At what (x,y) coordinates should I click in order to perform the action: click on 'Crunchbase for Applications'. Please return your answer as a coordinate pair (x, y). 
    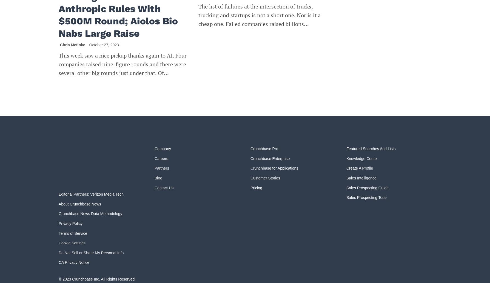
    Looking at the image, I should click on (274, 168).